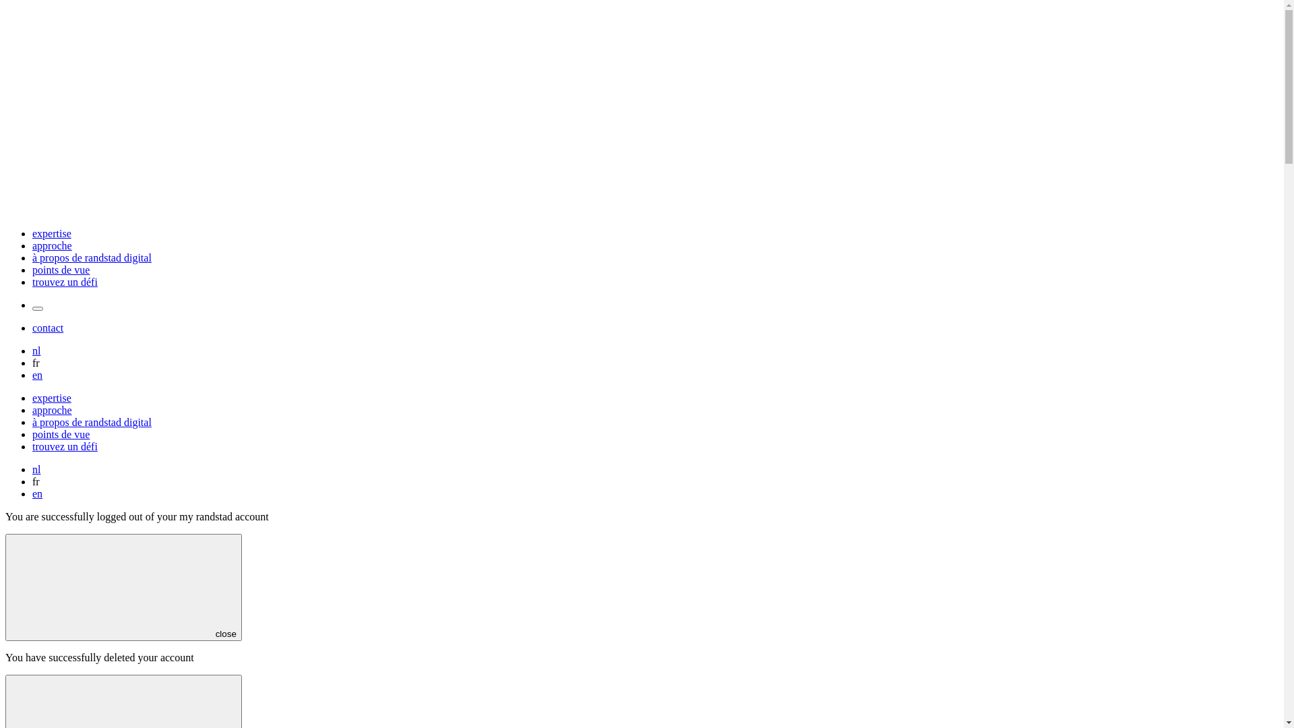 Image resolution: width=1294 pixels, height=728 pixels. Describe the element at coordinates (32, 328) in the screenshot. I see `'contact'` at that location.